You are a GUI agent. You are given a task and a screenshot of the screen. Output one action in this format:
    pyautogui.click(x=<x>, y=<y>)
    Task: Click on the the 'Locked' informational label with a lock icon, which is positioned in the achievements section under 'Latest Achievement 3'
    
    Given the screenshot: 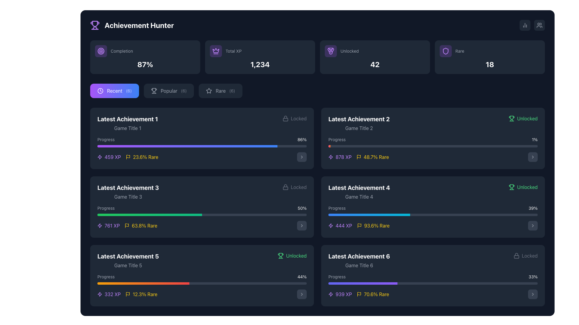 What is the action you would take?
    pyautogui.click(x=294, y=187)
    